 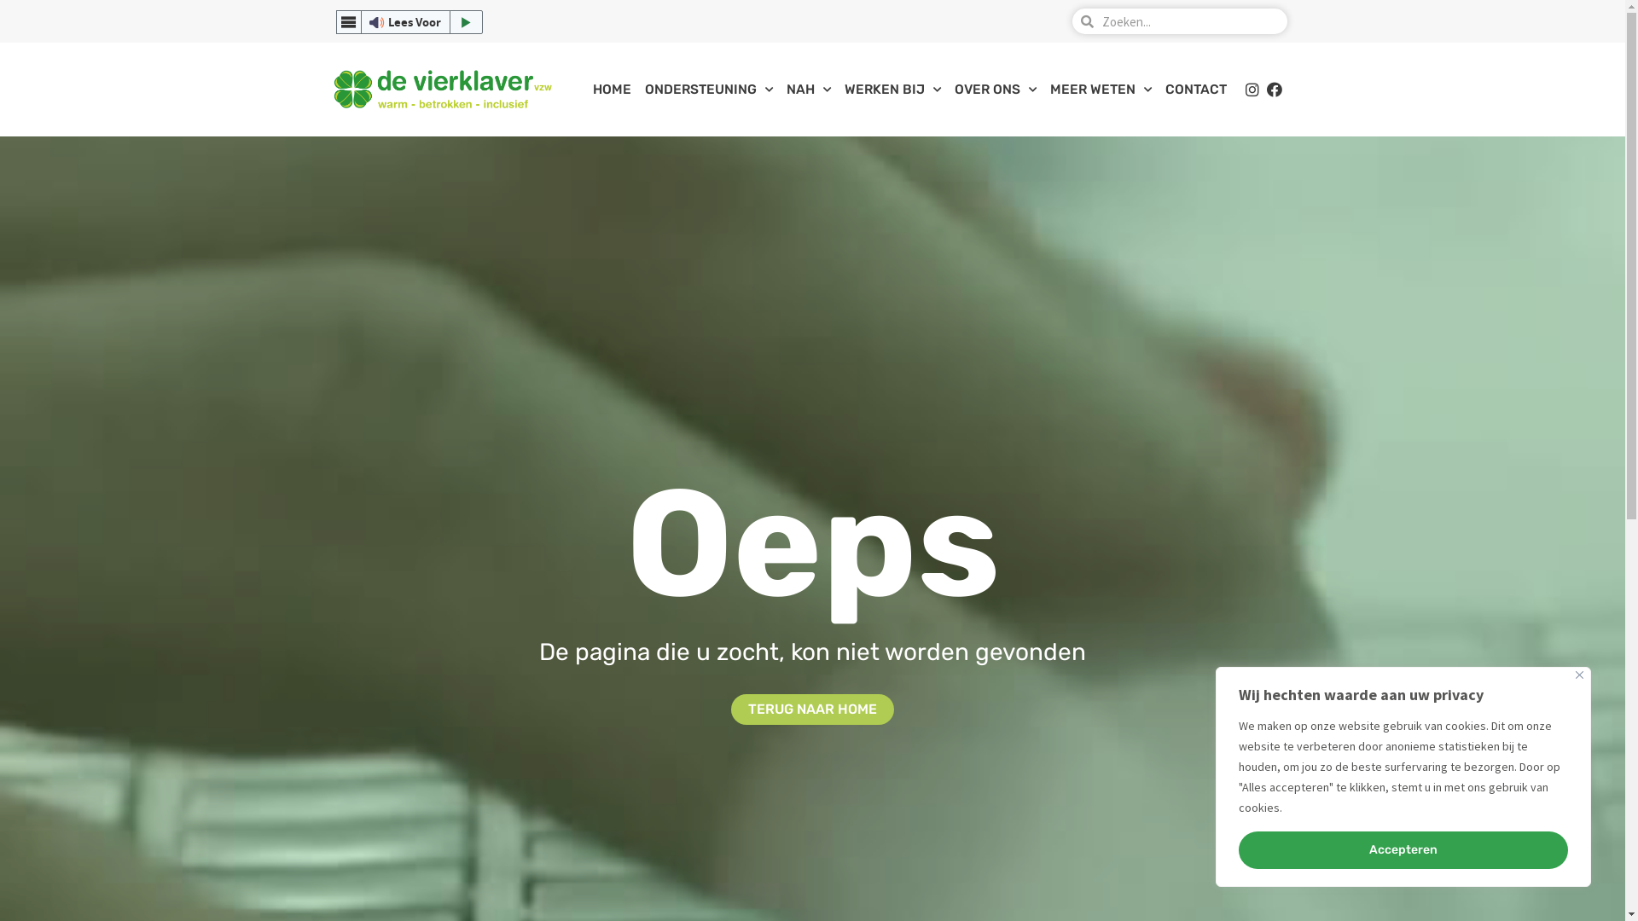 I want to click on 'NAH', so click(x=808, y=89).